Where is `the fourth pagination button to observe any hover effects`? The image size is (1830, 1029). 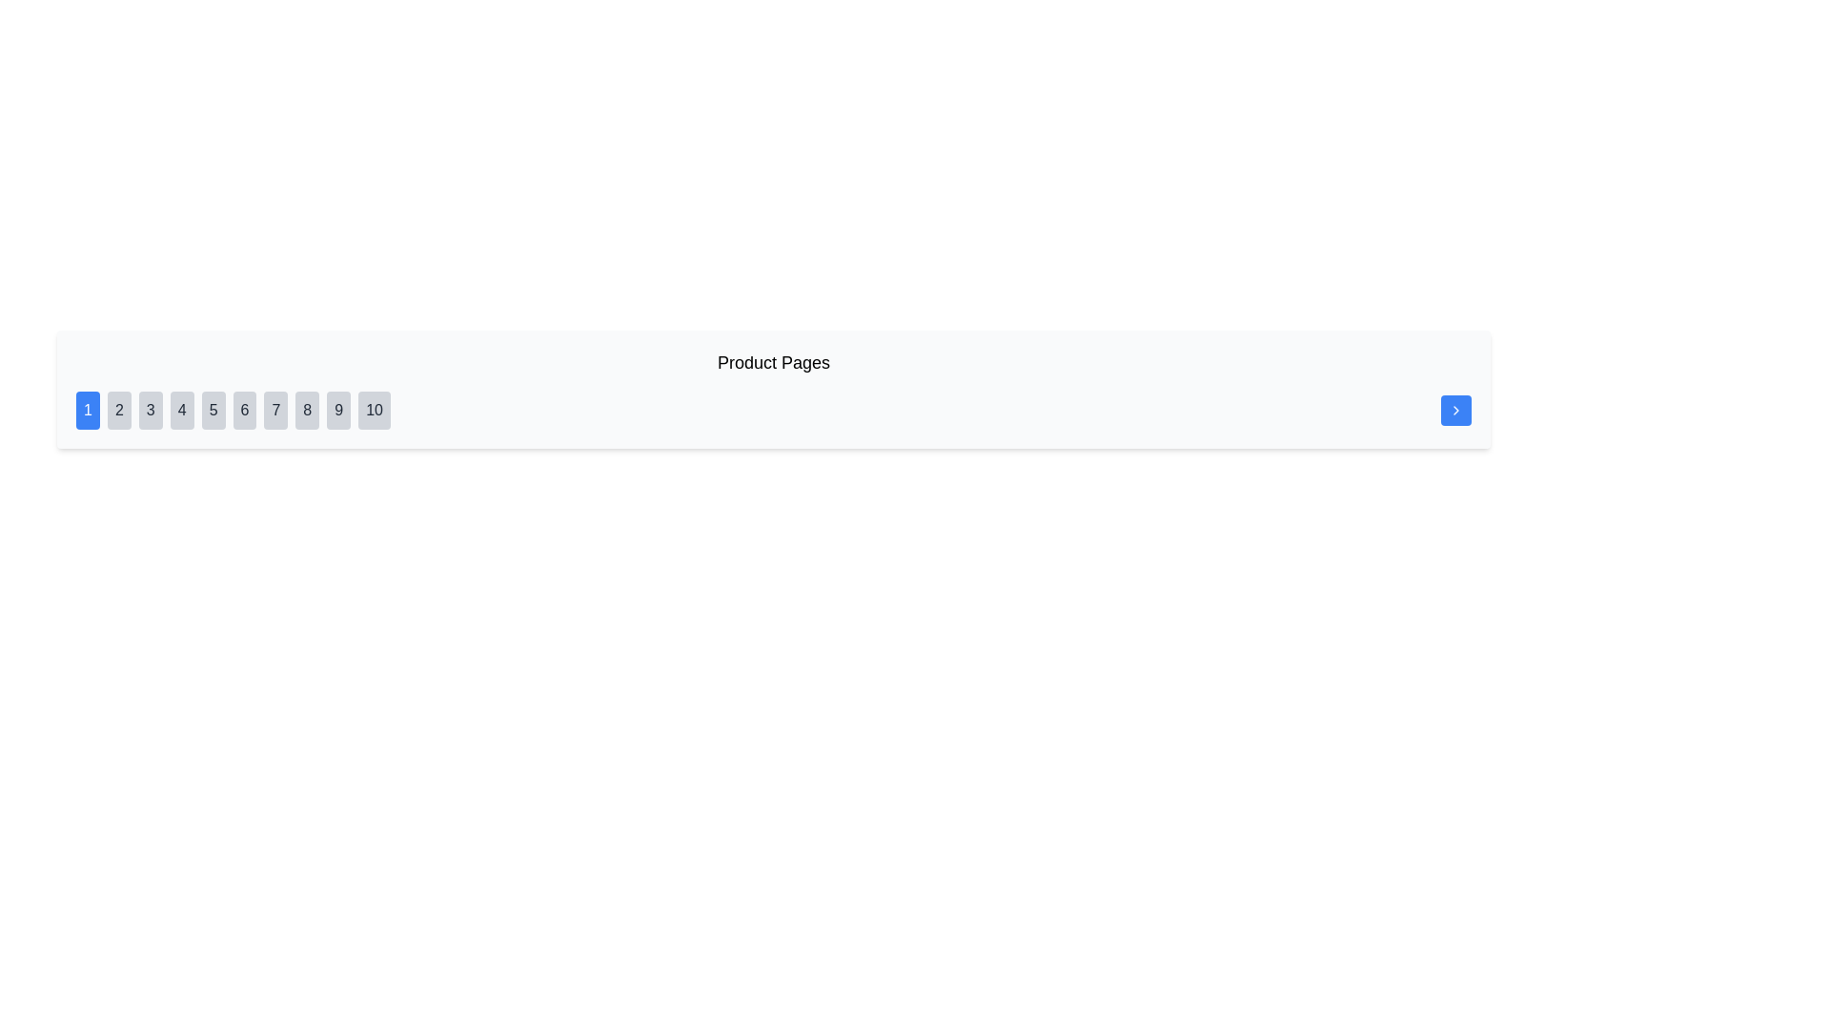 the fourth pagination button to observe any hover effects is located at coordinates (182, 410).